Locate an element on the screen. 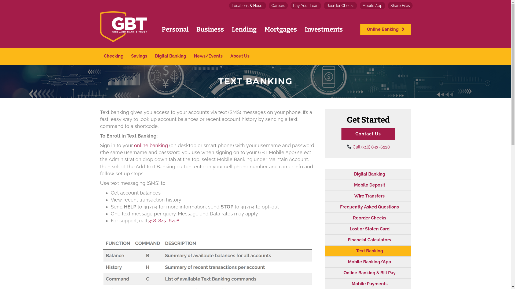 This screenshot has width=515, height=289. 'Mortgages' is located at coordinates (260, 29).